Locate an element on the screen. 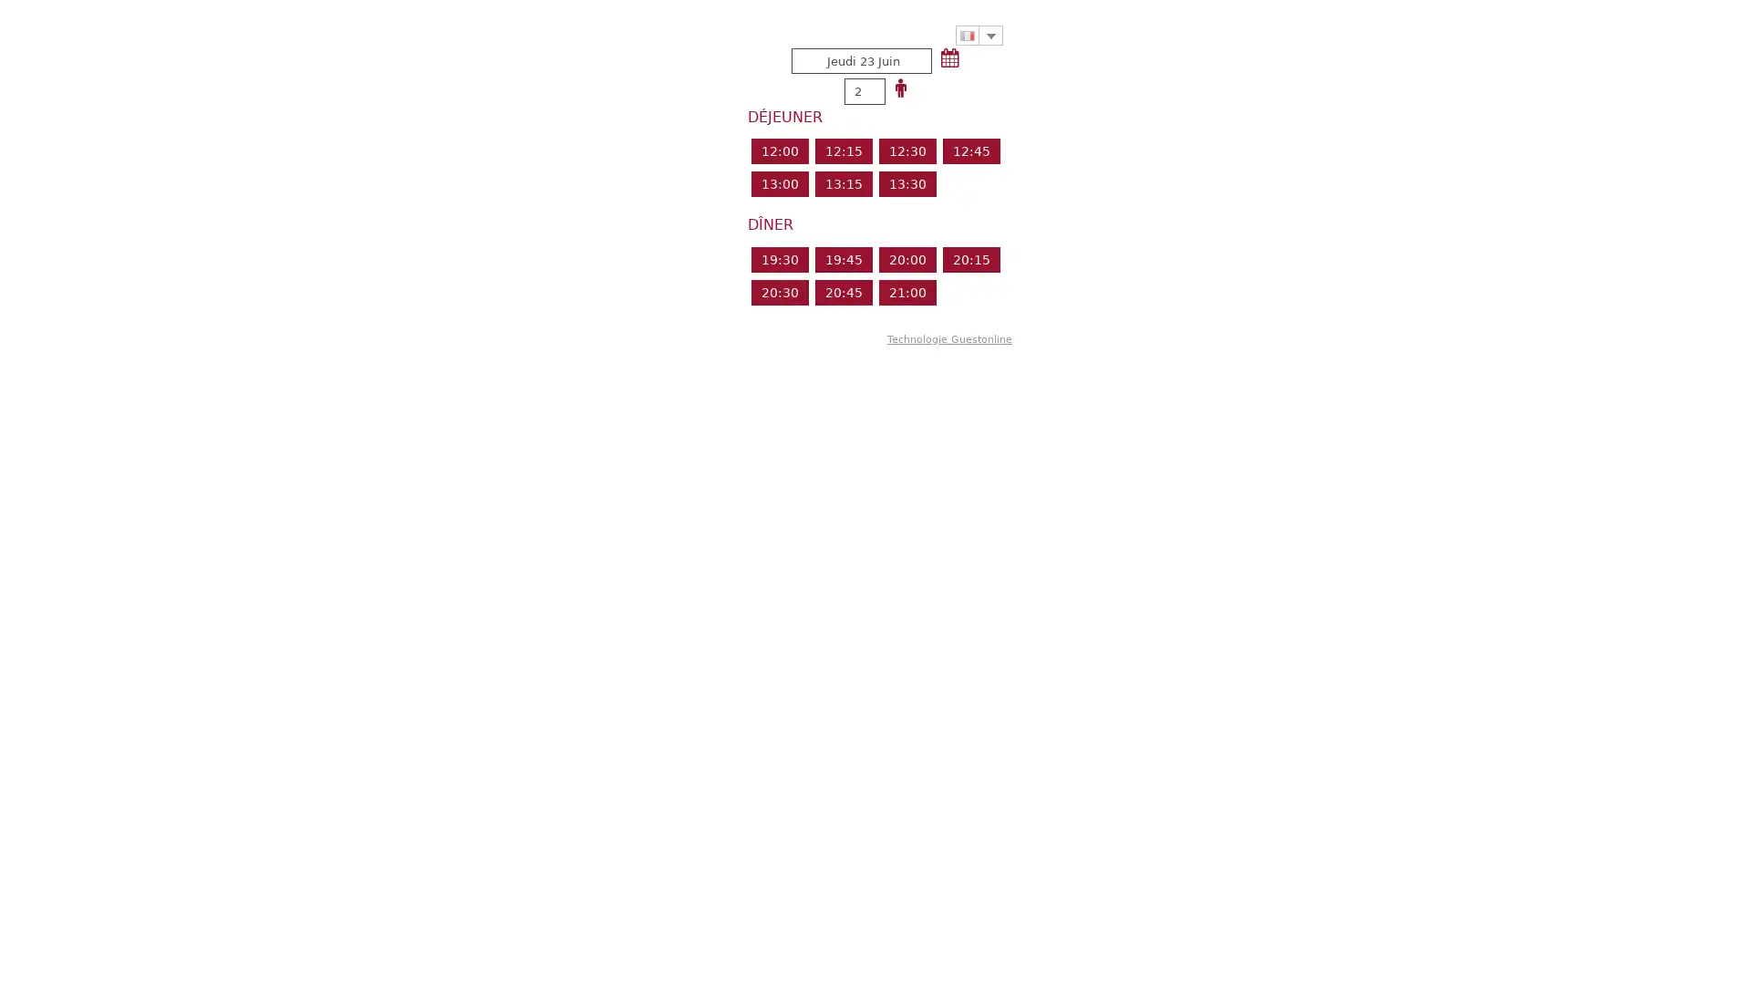  19:45 is located at coordinates (842, 259).